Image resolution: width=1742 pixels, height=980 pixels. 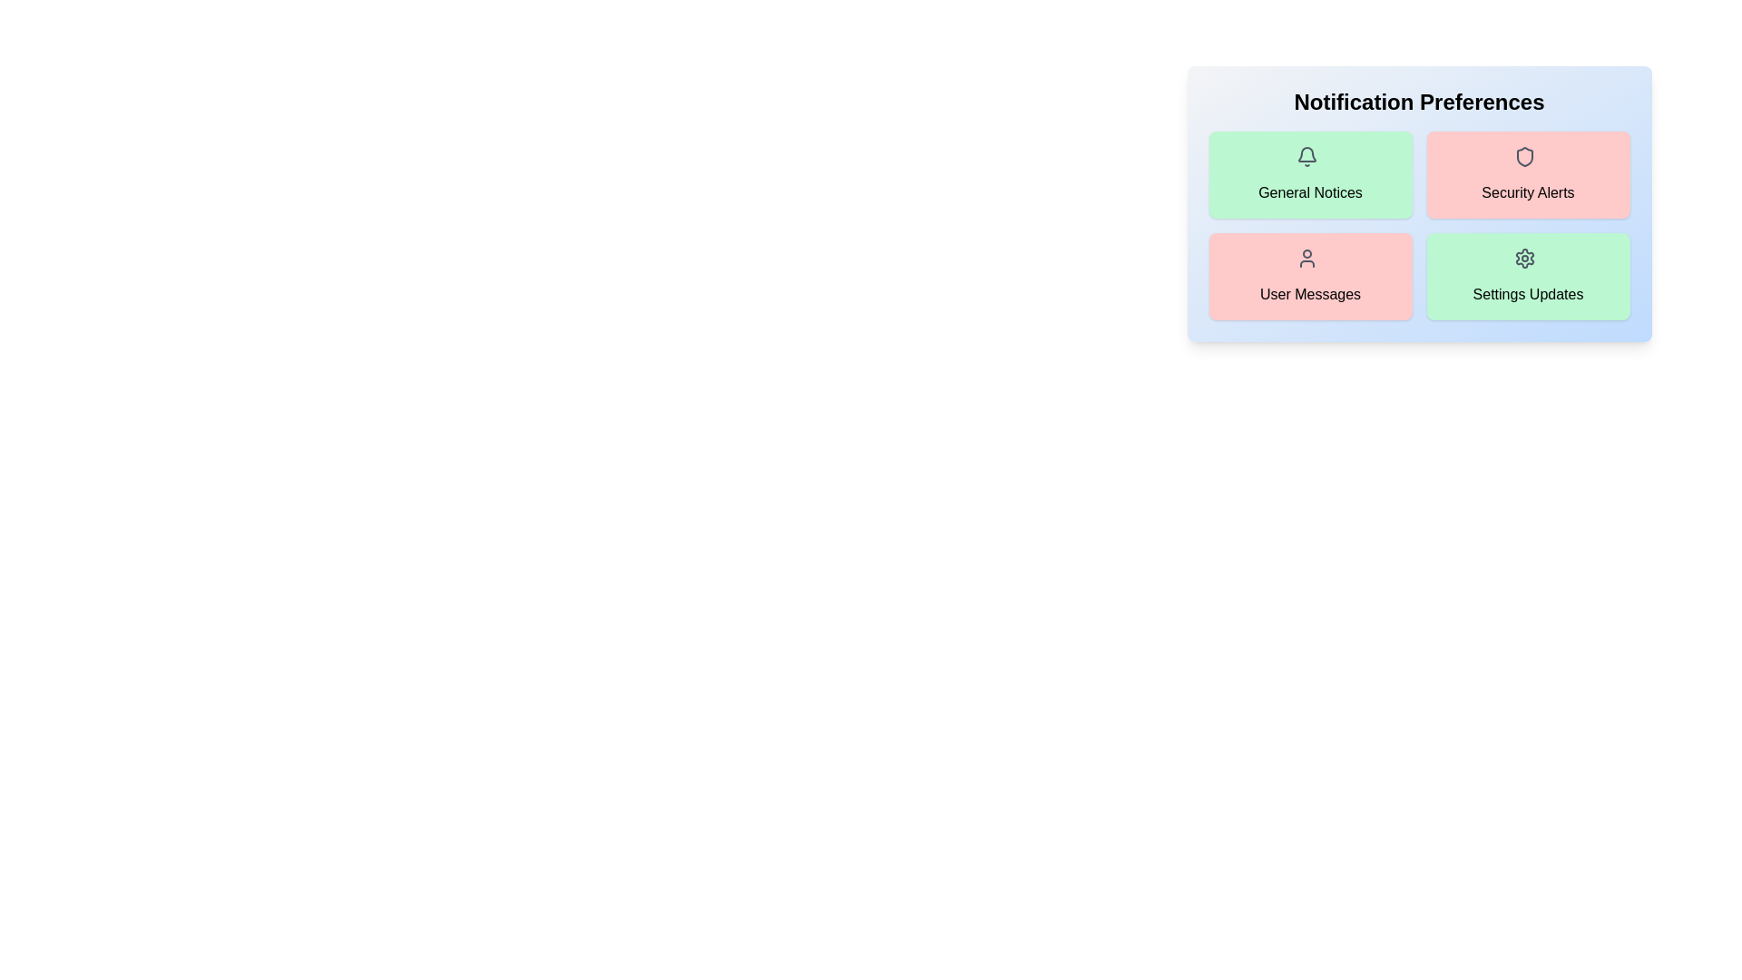 I want to click on the icon for User Messages notification, so click(x=1310, y=262).